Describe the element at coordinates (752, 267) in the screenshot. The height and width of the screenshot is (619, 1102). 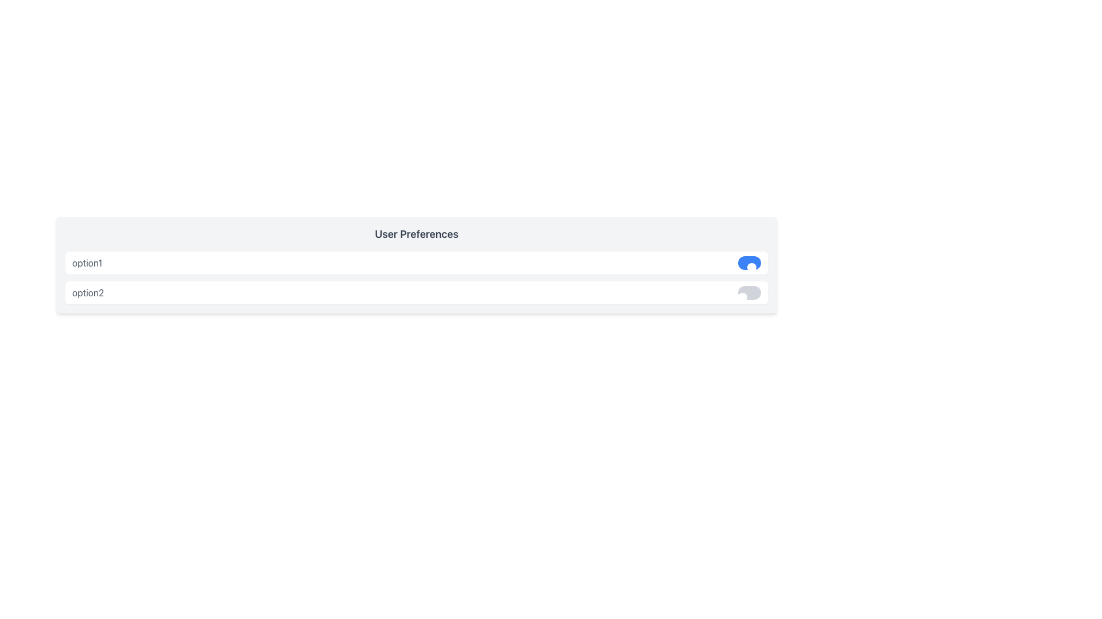
I see `the toggle switch knob, which is a circular component with a white fill inside a blue elongated capsule, located next to 'option1' in the 'User Preferences' menu` at that location.